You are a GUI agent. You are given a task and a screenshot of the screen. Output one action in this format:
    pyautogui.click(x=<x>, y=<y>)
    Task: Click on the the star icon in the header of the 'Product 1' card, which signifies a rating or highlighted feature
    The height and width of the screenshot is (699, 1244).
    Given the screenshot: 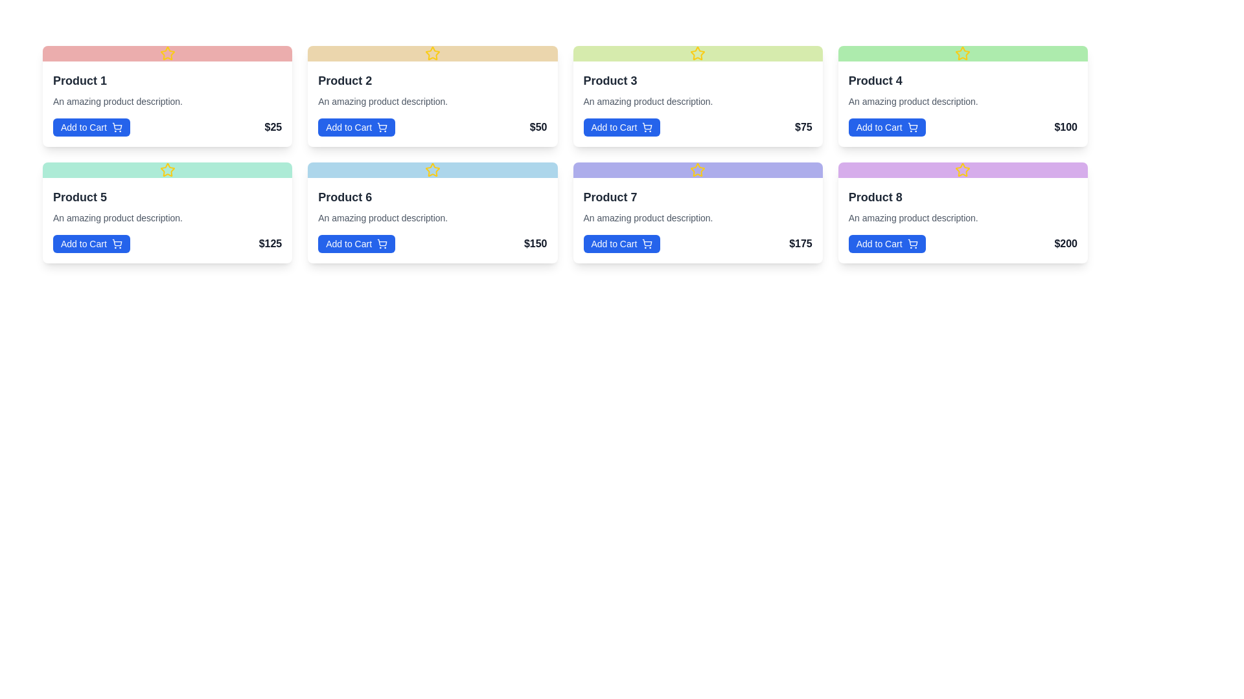 What is the action you would take?
    pyautogui.click(x=167, y=53)
    